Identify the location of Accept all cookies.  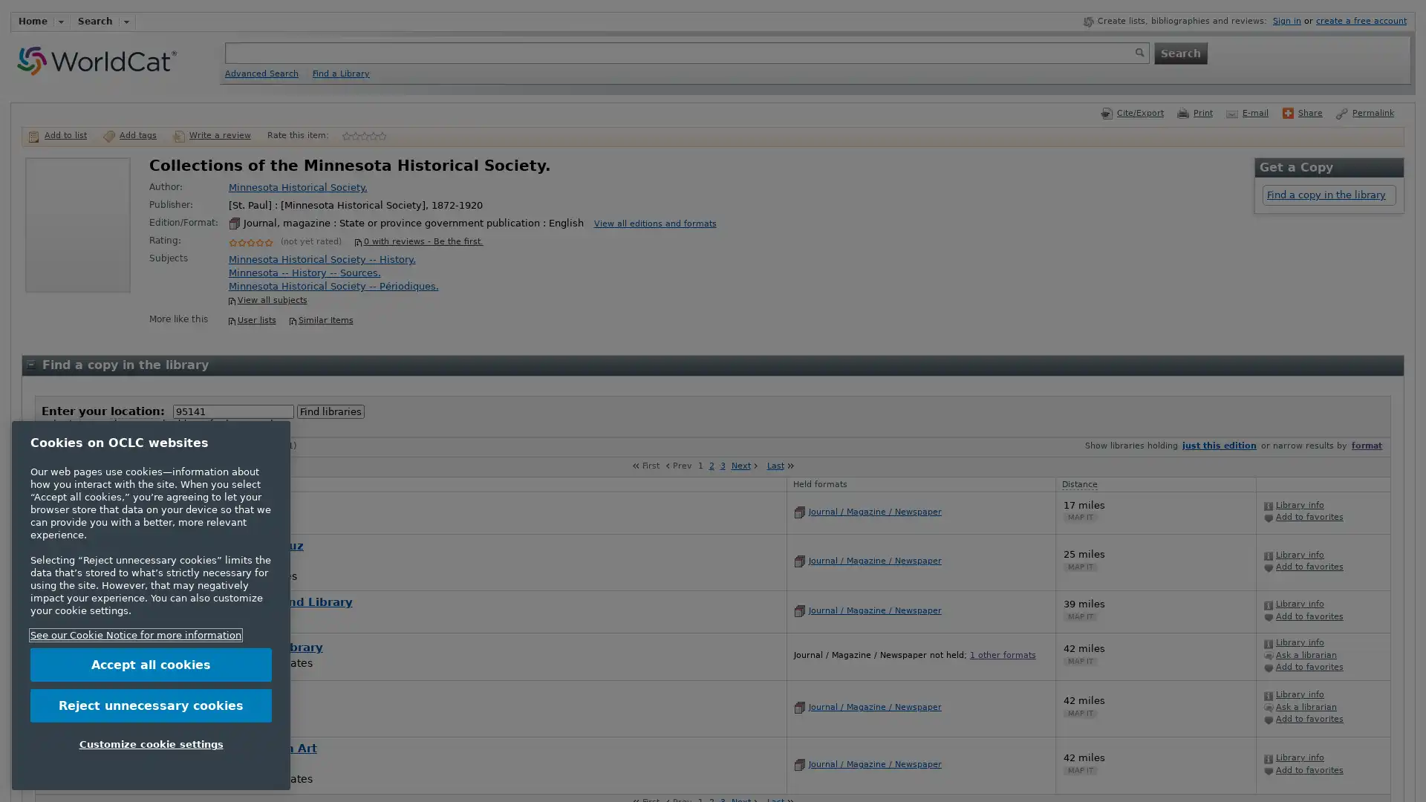
(151, 664).